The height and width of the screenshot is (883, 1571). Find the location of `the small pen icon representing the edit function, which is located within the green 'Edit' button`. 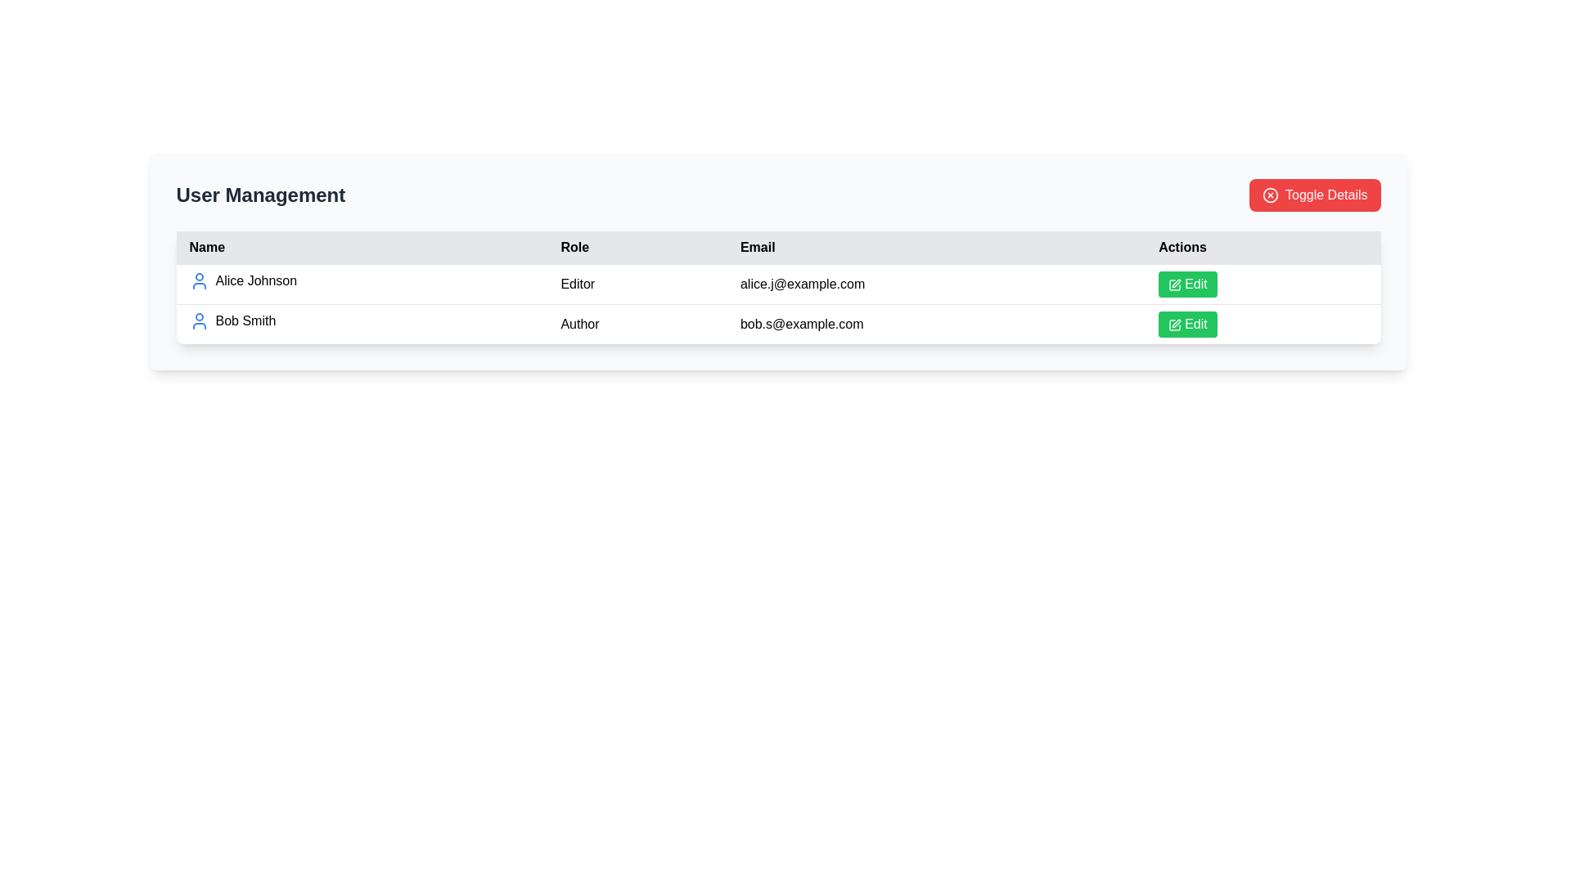

the small pen icon representing the edit function, which is located within the green 'Edit' button is located at coordinates (1174, 284).